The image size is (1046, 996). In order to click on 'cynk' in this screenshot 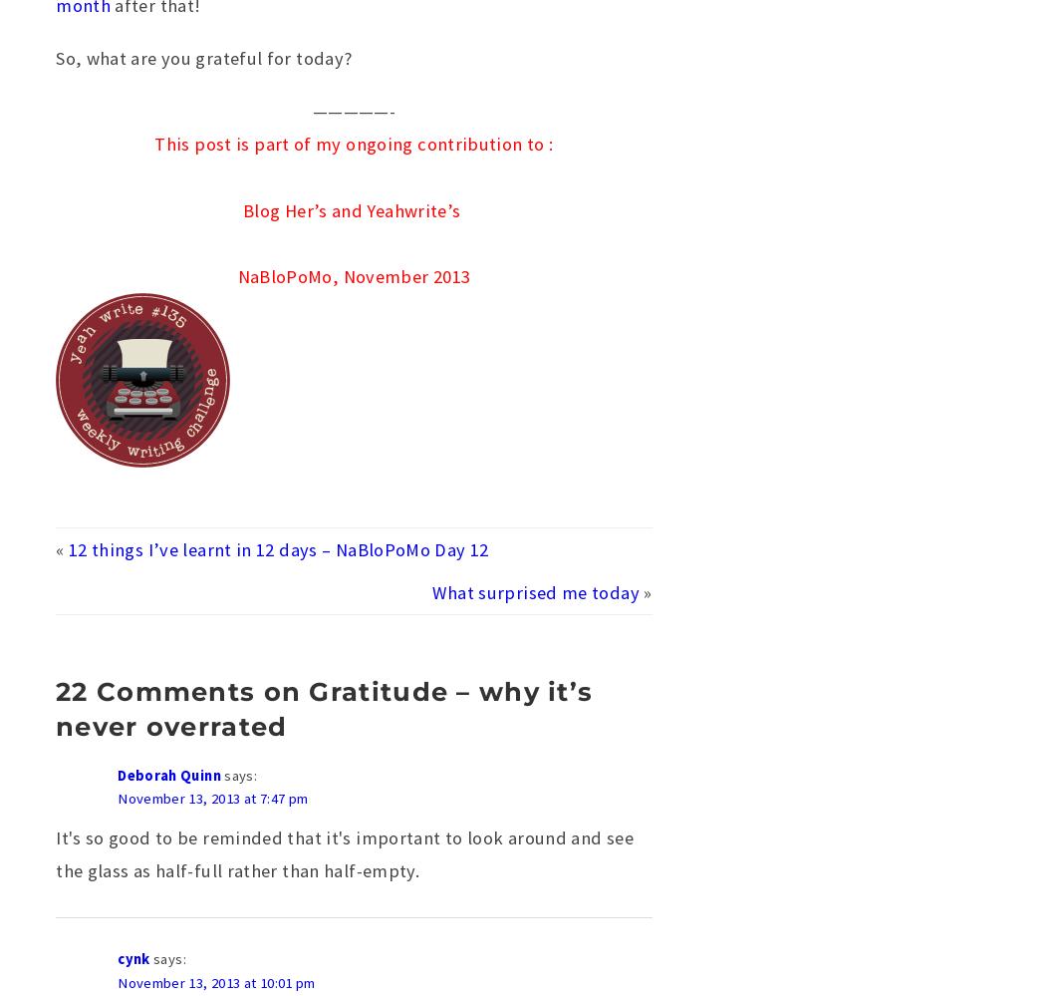, I will do `click(117, 958)`.